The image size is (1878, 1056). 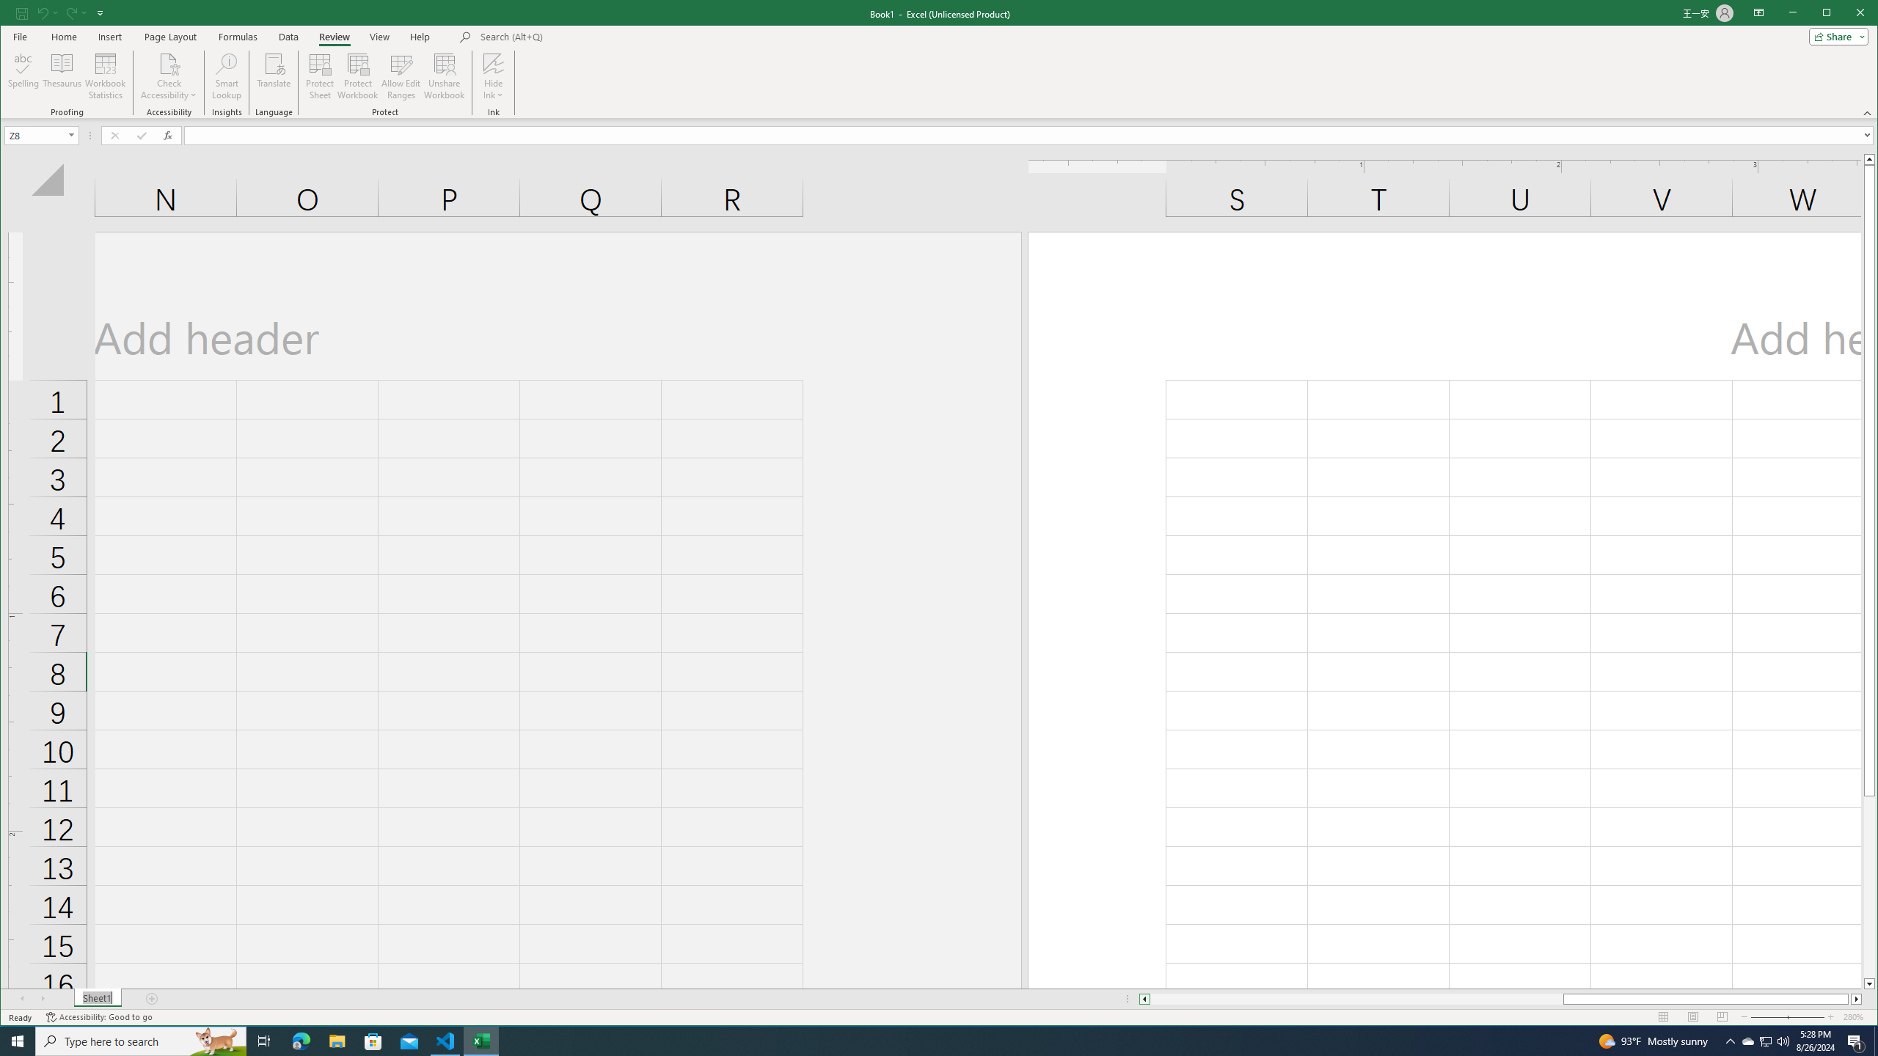 I want to click on 'Q2790: 100%', so click(x=1782, y=1040).